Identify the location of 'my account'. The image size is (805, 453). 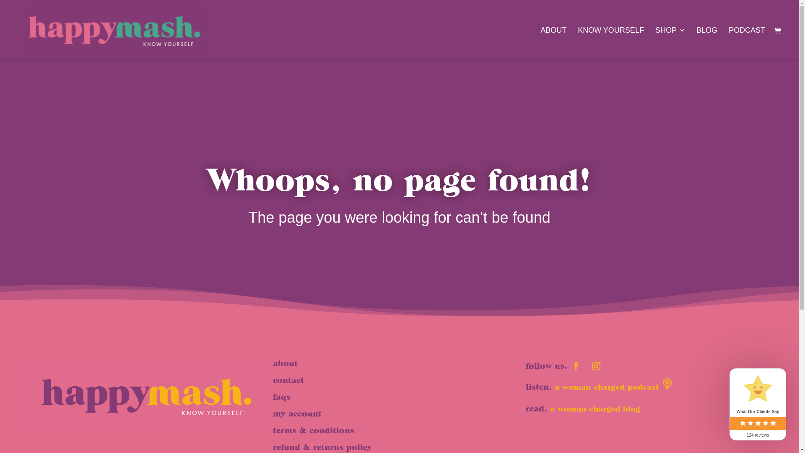
(297, 413).